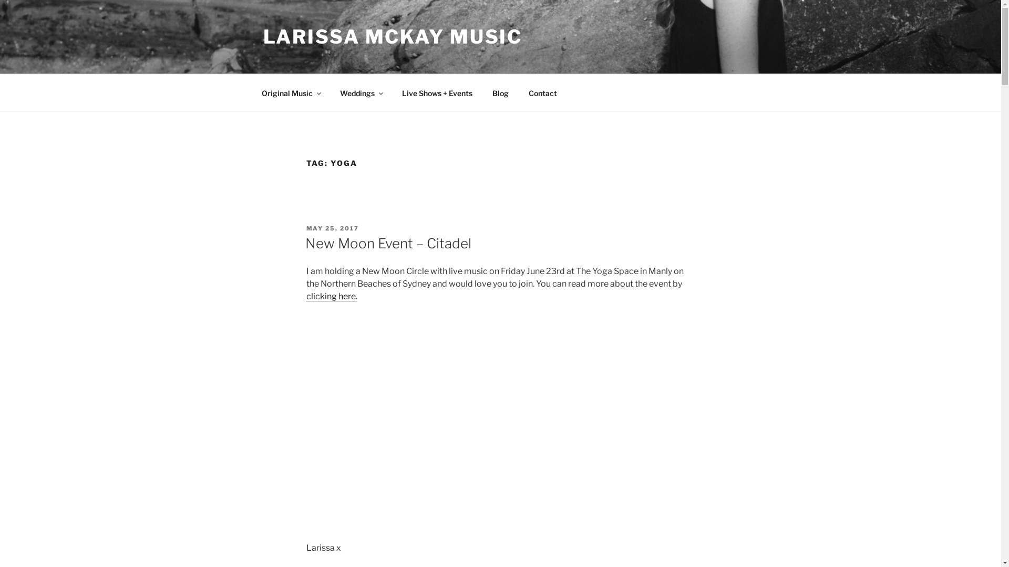 The width and height of the screenshot is (1009, 567). Describe the element at coordinates (542, 92) in the screenshot. I see `'Contact'` at that location.